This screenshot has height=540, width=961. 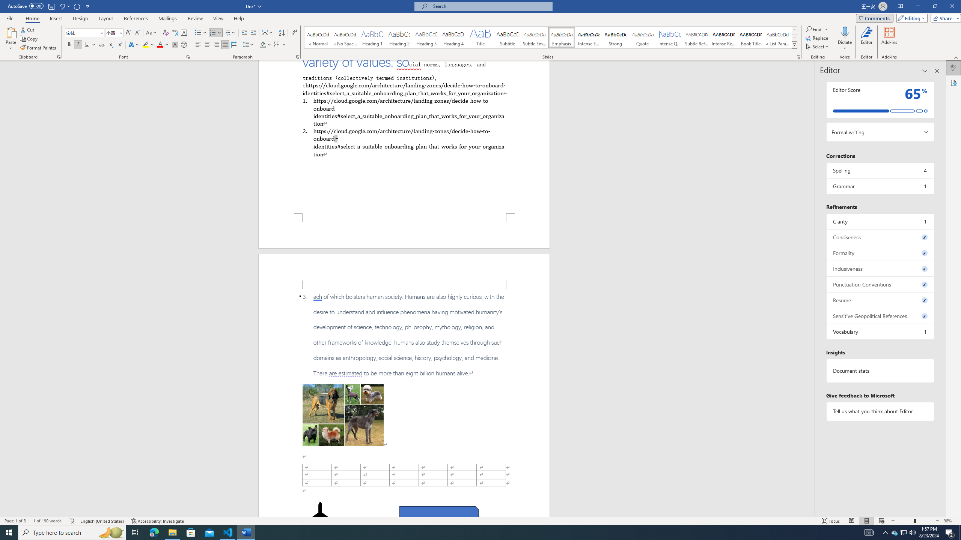 I want to click on 'Subtle Reference', so click(x=696, y=37).